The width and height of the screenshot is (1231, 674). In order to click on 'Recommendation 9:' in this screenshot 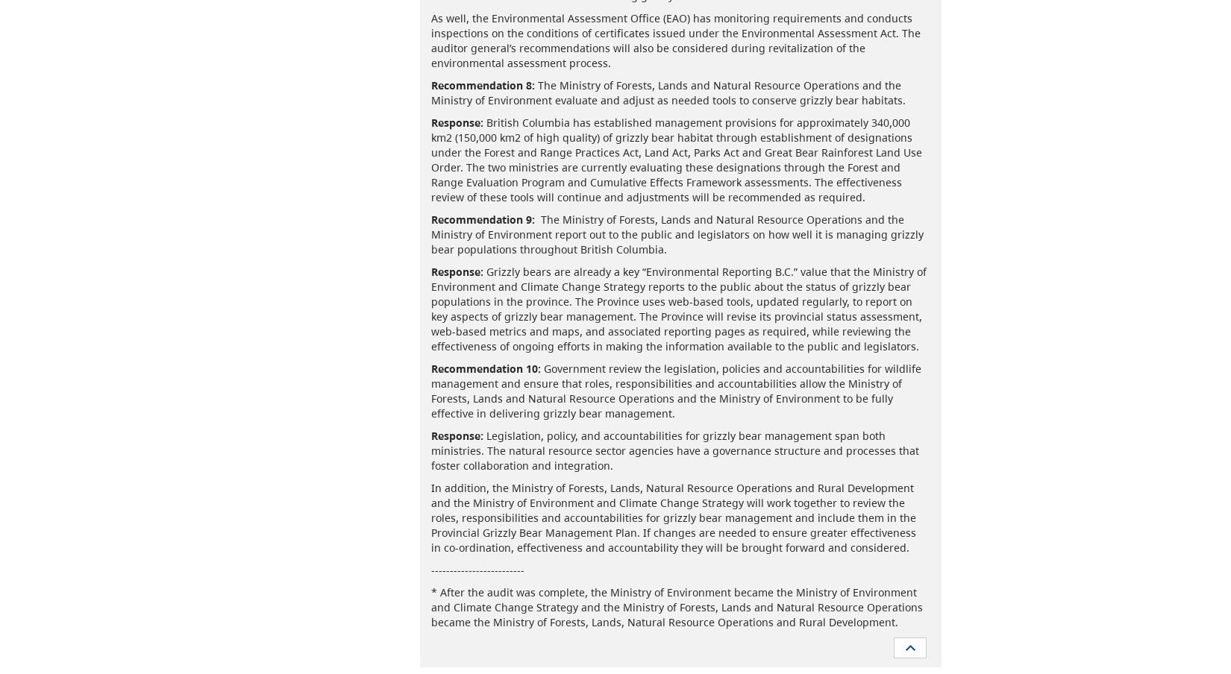, I will do `click(481, 218)`.